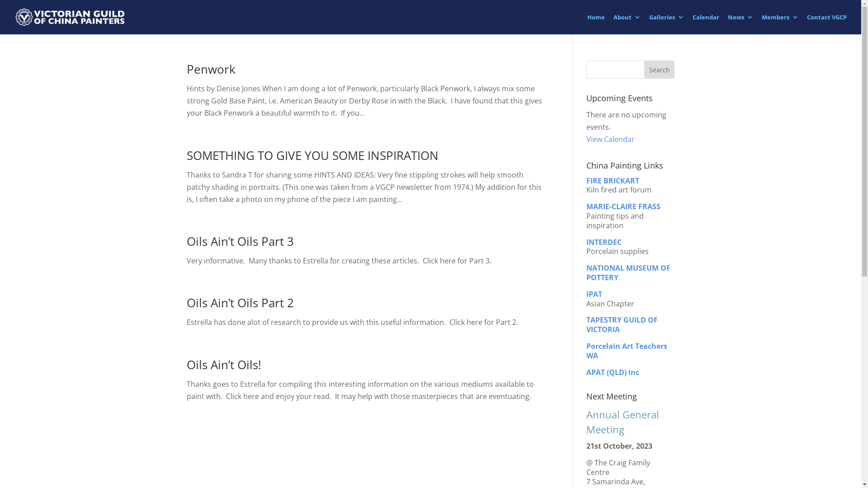 Image resolution: width=868 pixels, height=488 pixels. What do you see at coordinates (628, 272) in the screenshot?
I see `'NATIONAL MUSEUM OF POTTERY'` at bounding box center [628, 272].